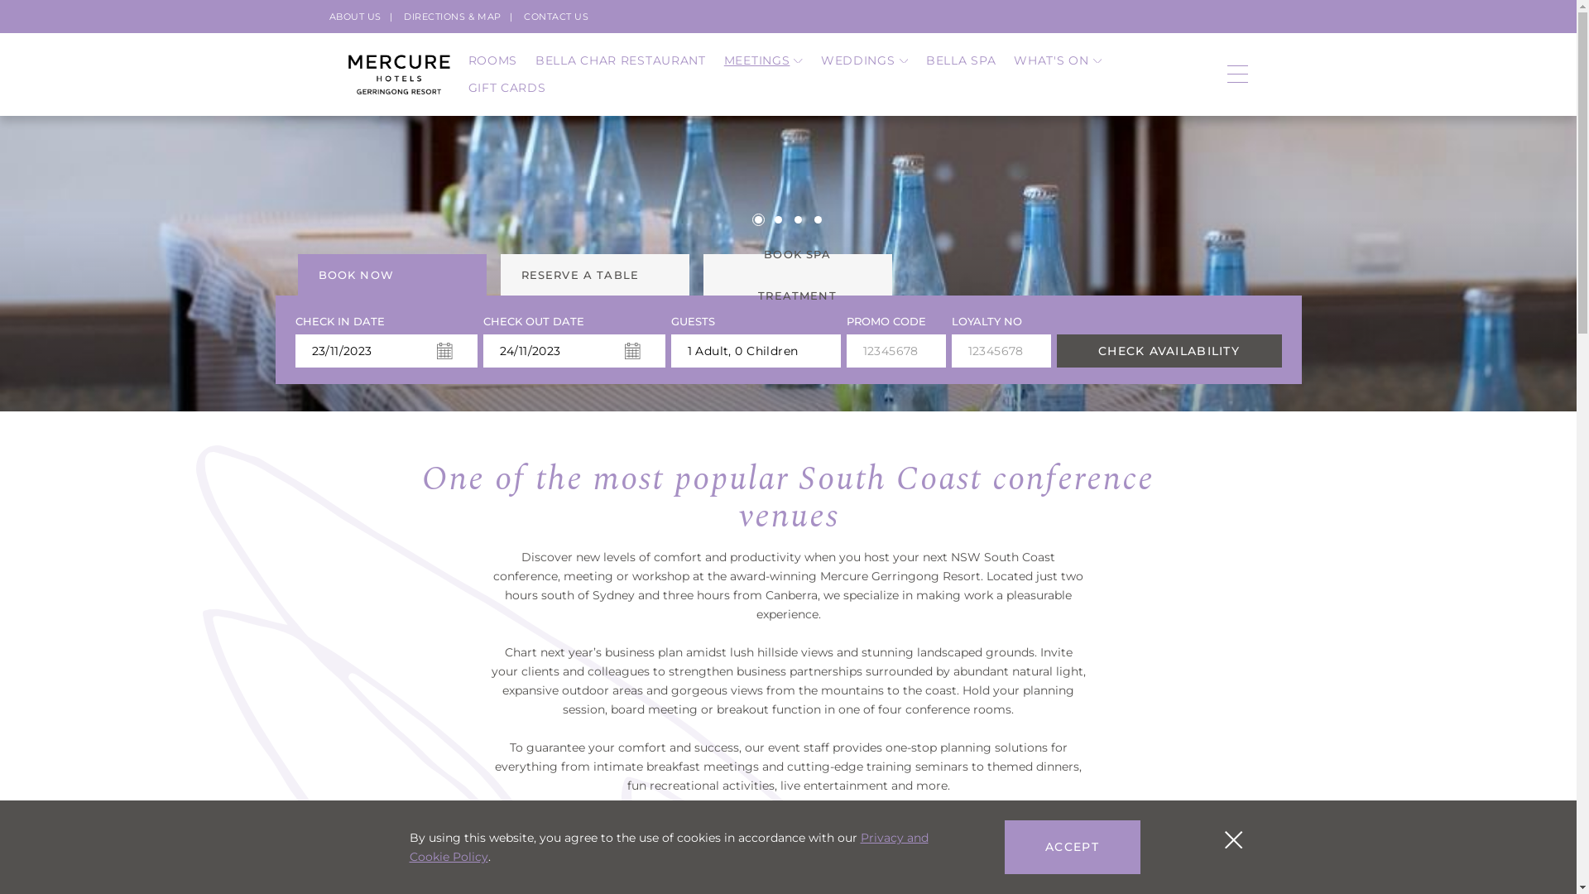 The height and width of the screenshot is (894, 1589). What do you see at coordinates (354, 16) in the screenshot?
I see `'ABOUT US'` at bounding box center [354, 16].